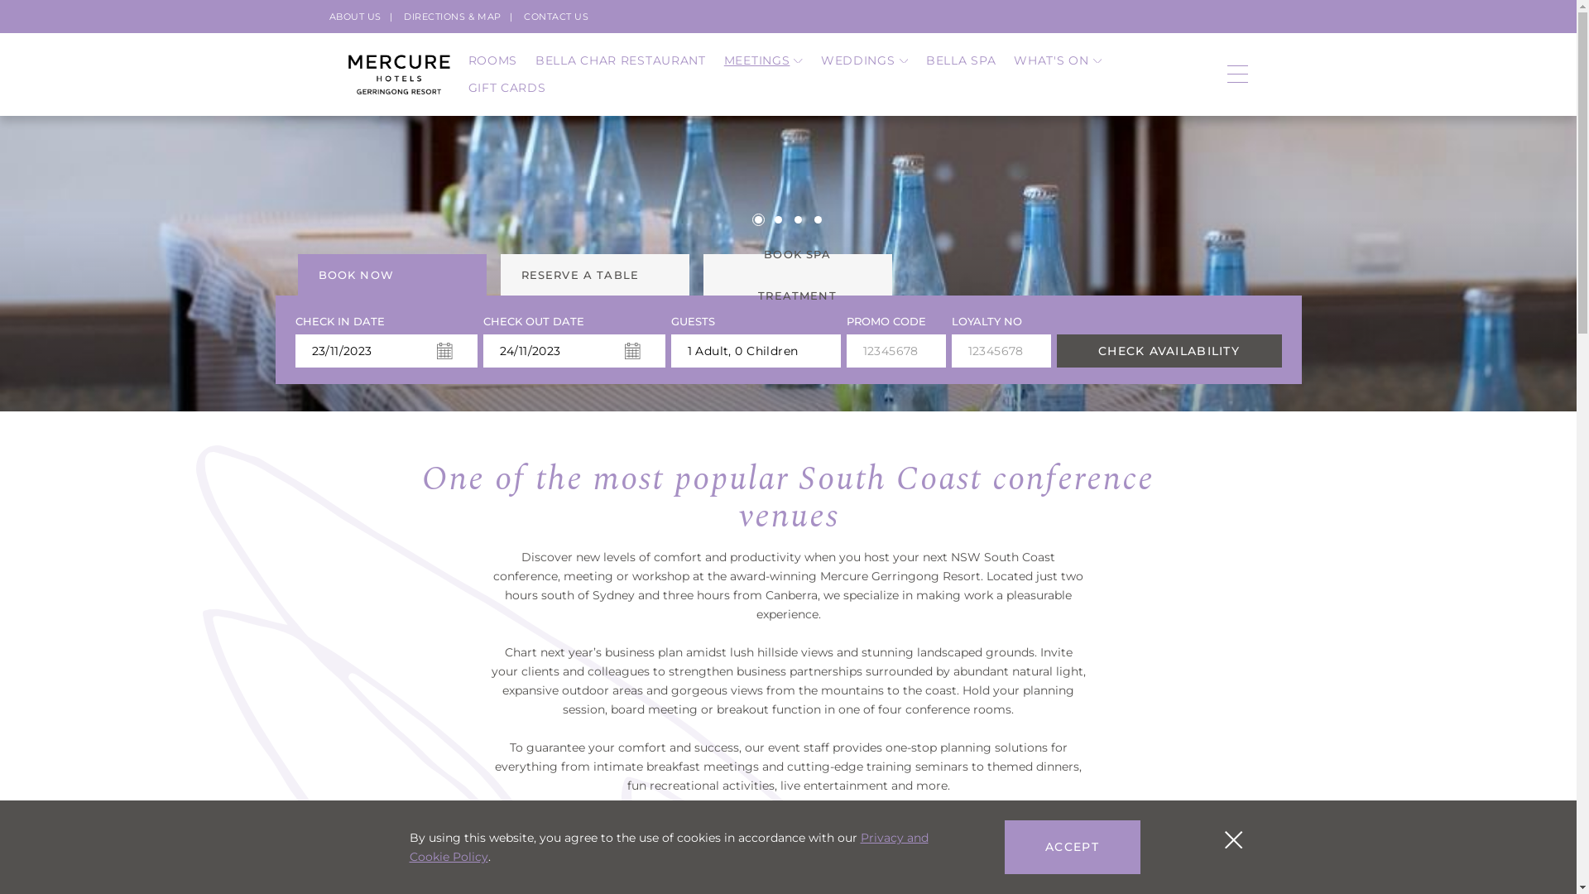 The height and width of the screenshot is (894, 1589). What do you see at coordinates (354, 16) in the screenshot?
I see `'ABOUT US'` at bounding box center [354, 16].